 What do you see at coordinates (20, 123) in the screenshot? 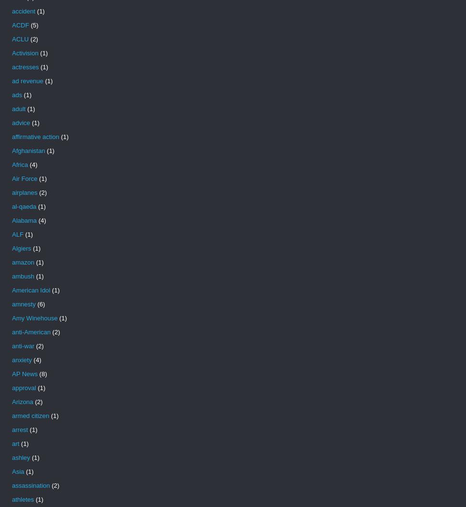
I see `'advice'` at bounding box center [20, 123].